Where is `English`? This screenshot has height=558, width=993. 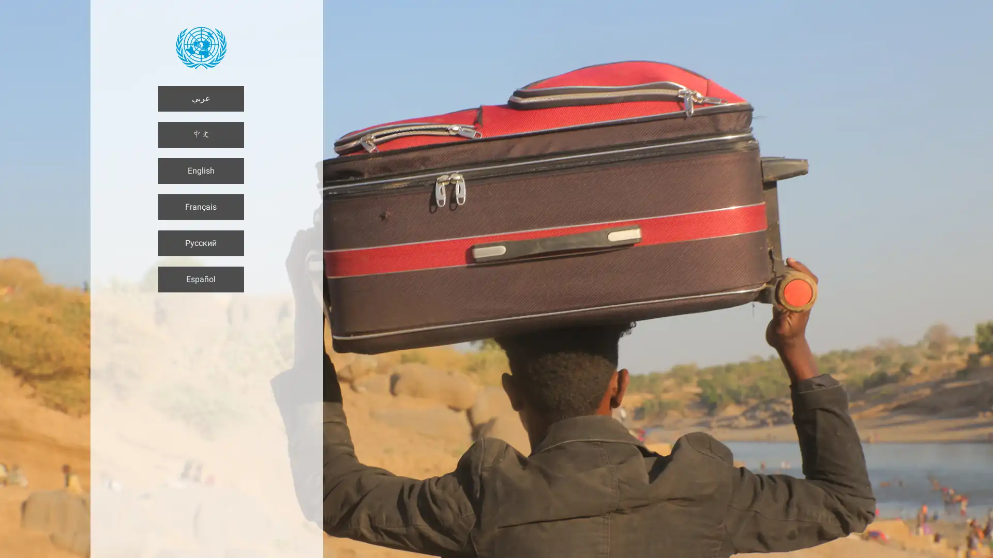 English is located at coordinates (201, 171).